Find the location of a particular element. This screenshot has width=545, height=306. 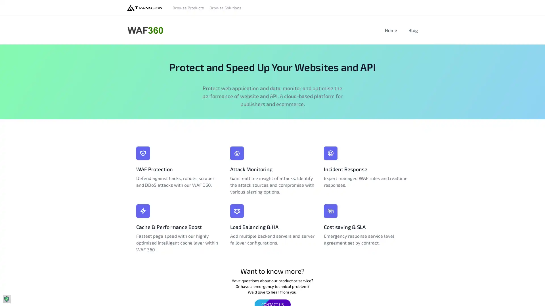

Agree and proceed is located at coordinates (93, 296).